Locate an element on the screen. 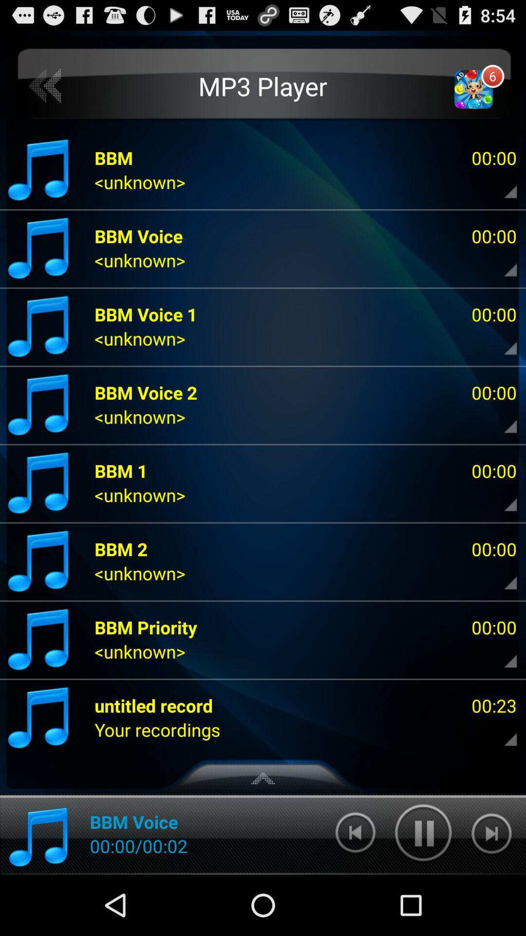  the mp3 player icon is located at coordinates (262, 86).